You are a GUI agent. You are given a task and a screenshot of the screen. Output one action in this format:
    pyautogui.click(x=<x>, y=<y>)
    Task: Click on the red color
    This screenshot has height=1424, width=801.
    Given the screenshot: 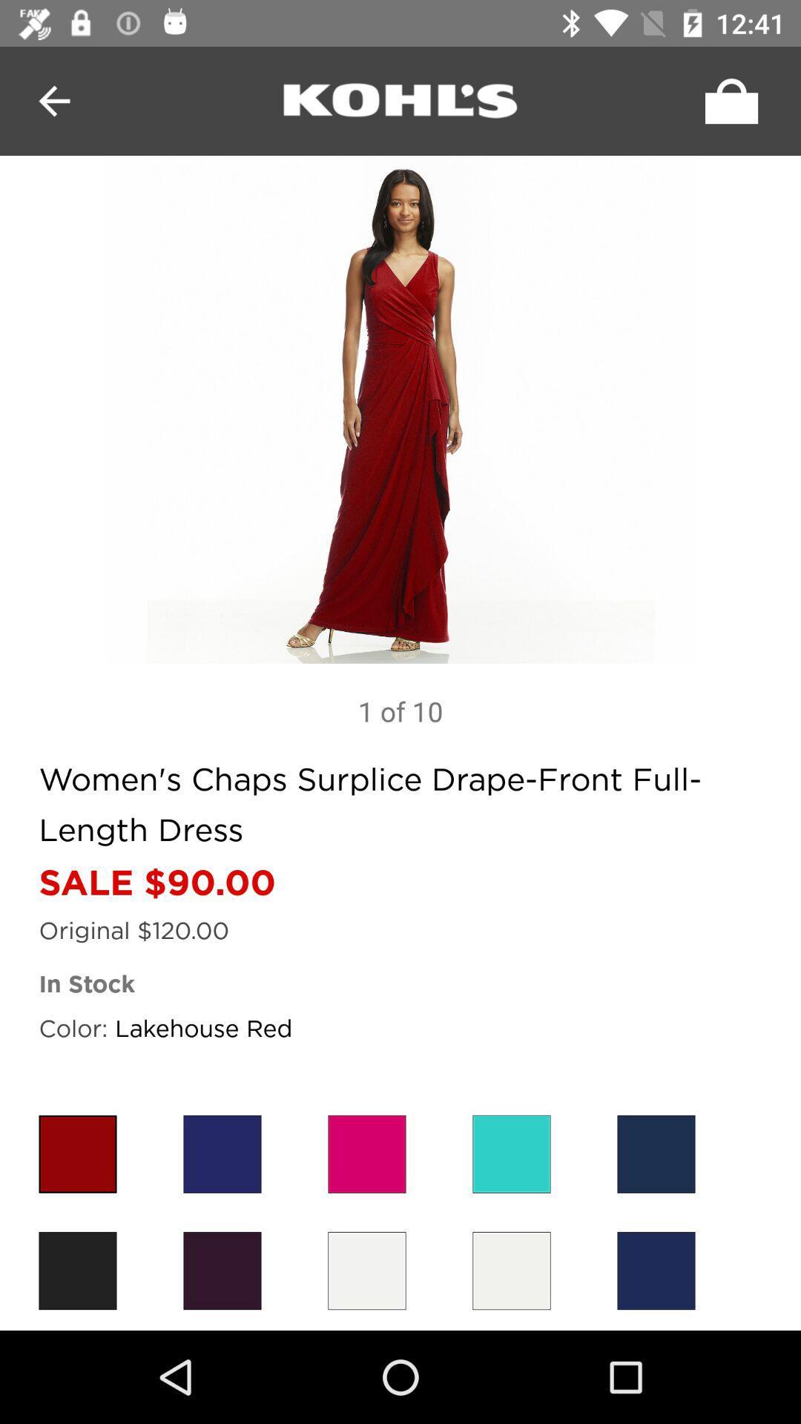 What is the action you would take?
    pyautogui.click(x=366, y=1153)
    